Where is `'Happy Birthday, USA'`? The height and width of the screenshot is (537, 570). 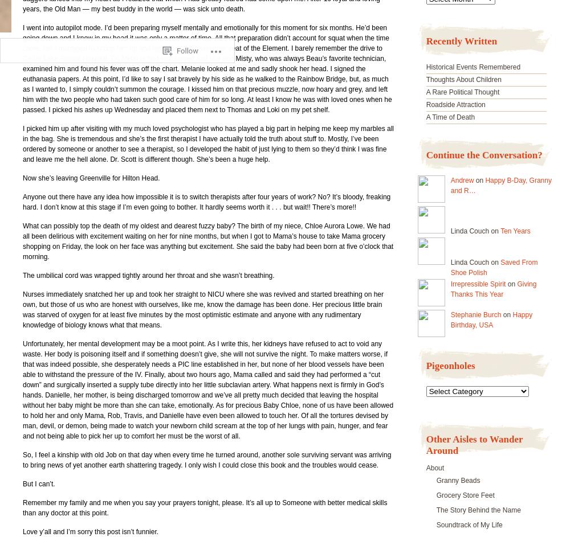 'Happy Birthday, USA' is located at coordinates (491, 320).